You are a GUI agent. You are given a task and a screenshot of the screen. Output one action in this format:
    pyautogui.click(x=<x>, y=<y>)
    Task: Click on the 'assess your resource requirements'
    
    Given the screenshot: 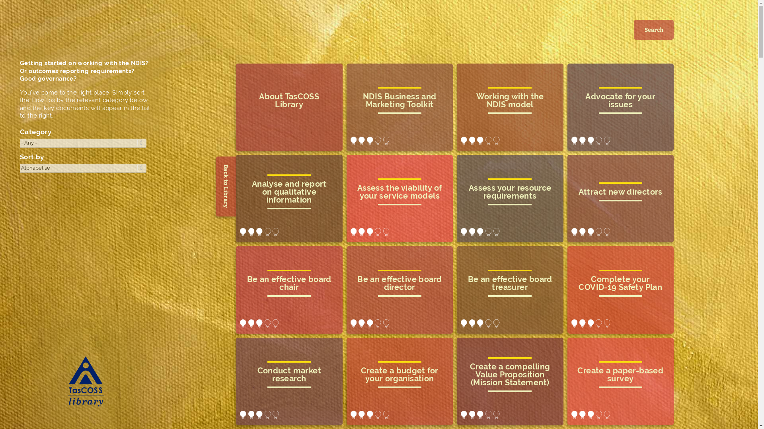 What is the action you would take?
    pyautogui.click(x=510, y=198)
    